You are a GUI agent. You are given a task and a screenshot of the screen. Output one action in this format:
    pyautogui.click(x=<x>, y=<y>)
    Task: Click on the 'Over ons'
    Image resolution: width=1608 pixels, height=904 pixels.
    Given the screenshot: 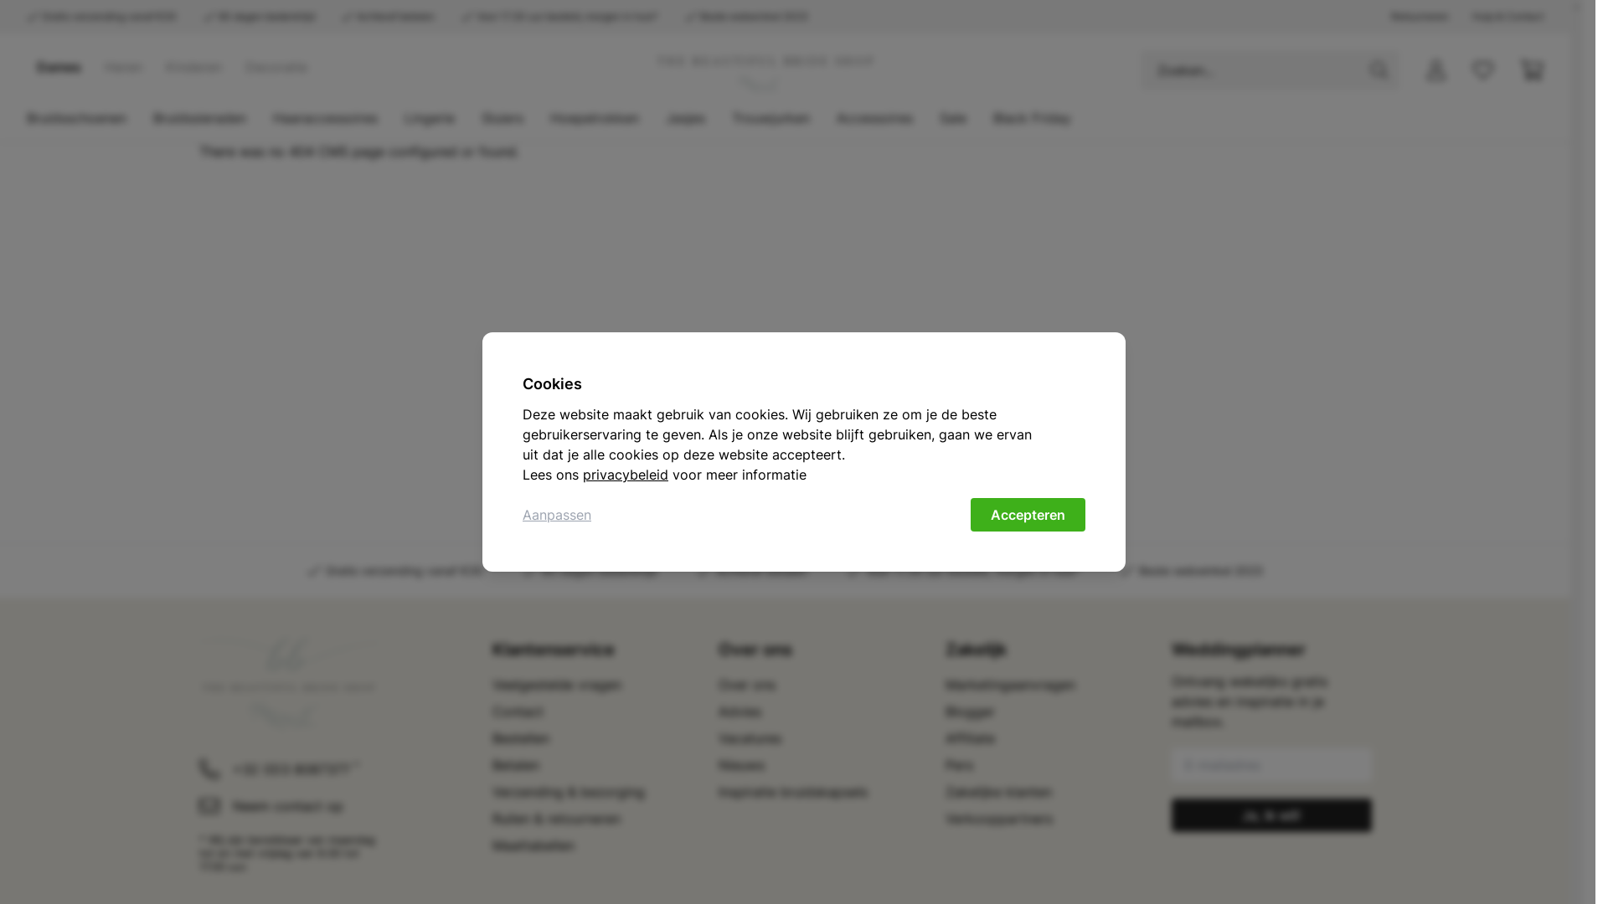 What is the action you would take?
    pyautogui.click(x=746, y=684)
    